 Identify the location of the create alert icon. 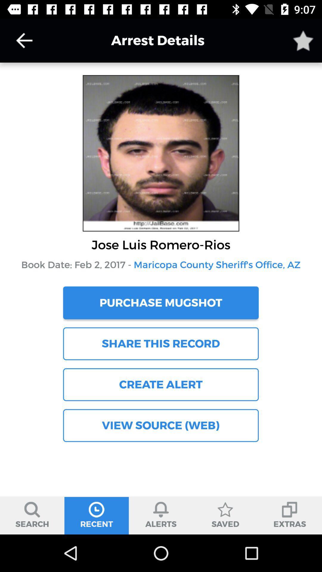
(160, 385).